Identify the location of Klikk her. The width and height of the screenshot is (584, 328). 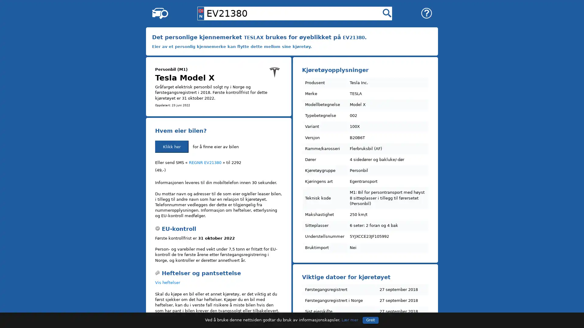
(172, 146).